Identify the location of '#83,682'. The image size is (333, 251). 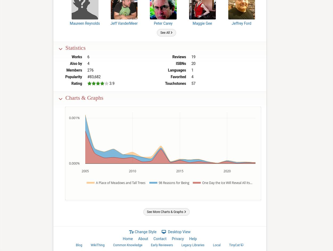
(94, 77).